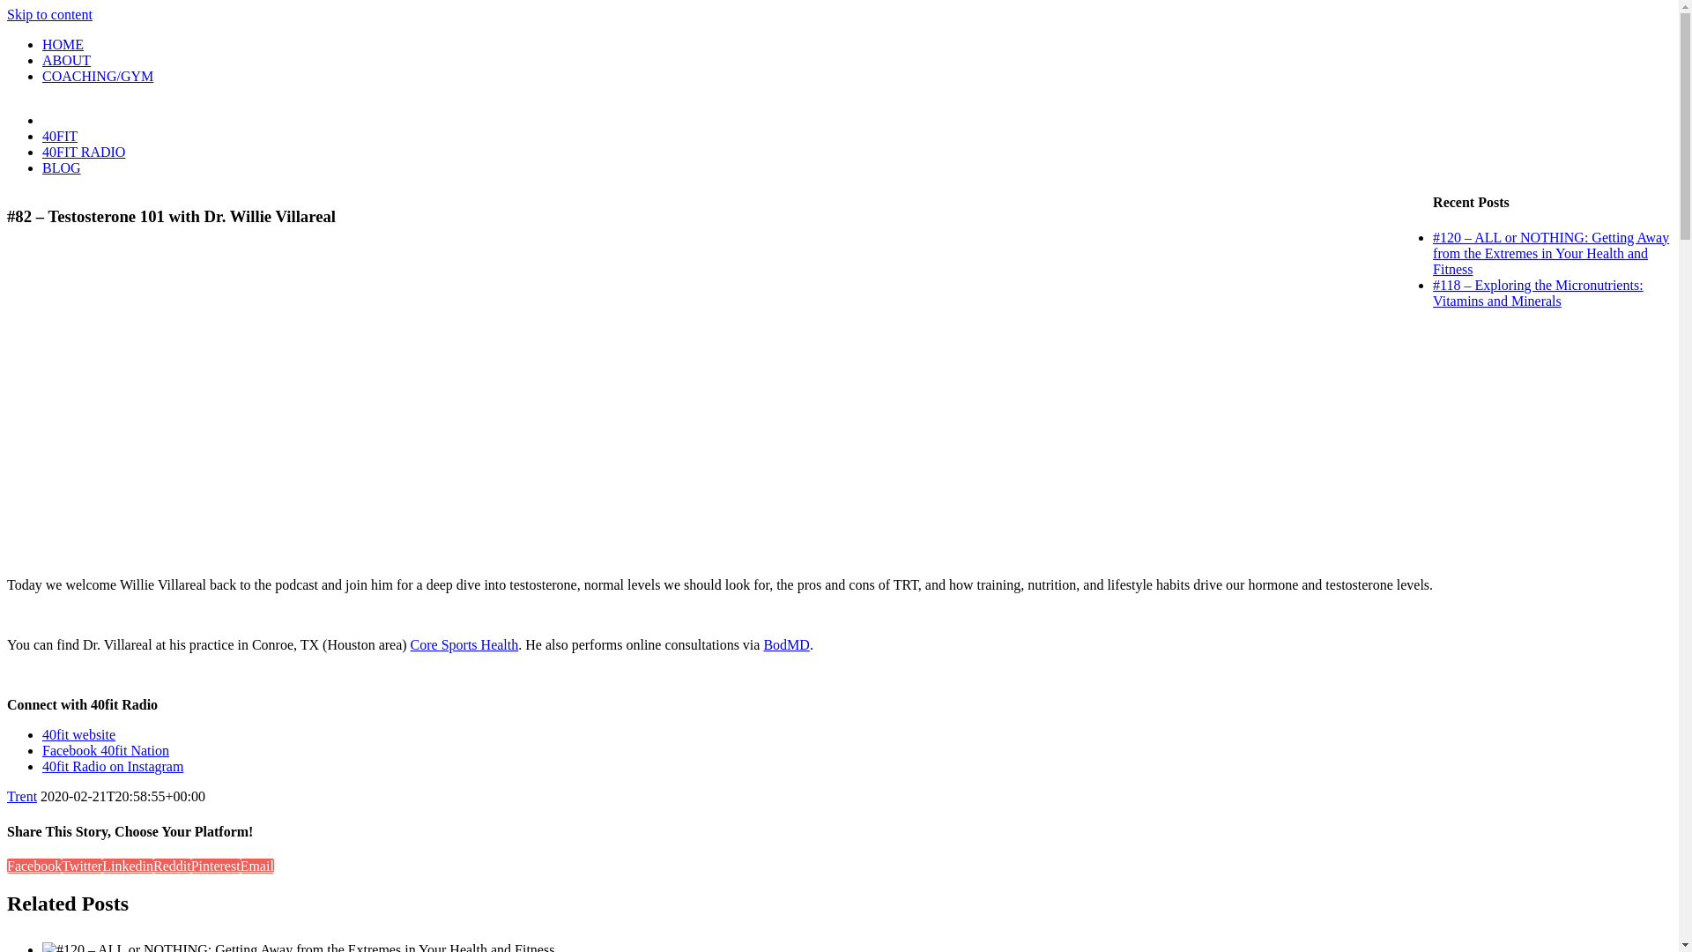 Image resolution: width=1692 pixels, height=952 pixels. Describe the element at coordinates (66, 59) in the screenshot. I see `'ABOUT'` at that location.